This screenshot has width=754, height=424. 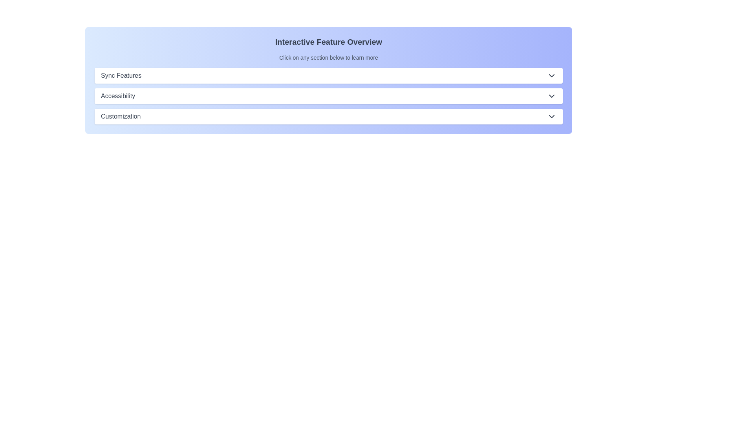 What do you see at coordinates (328, 42) in the screenshot?
I see `the heading 'Interactive Feature Overview' styled in bold and large text, located at the top of the section with a gradient blue background` at bounding box center [328, 42].